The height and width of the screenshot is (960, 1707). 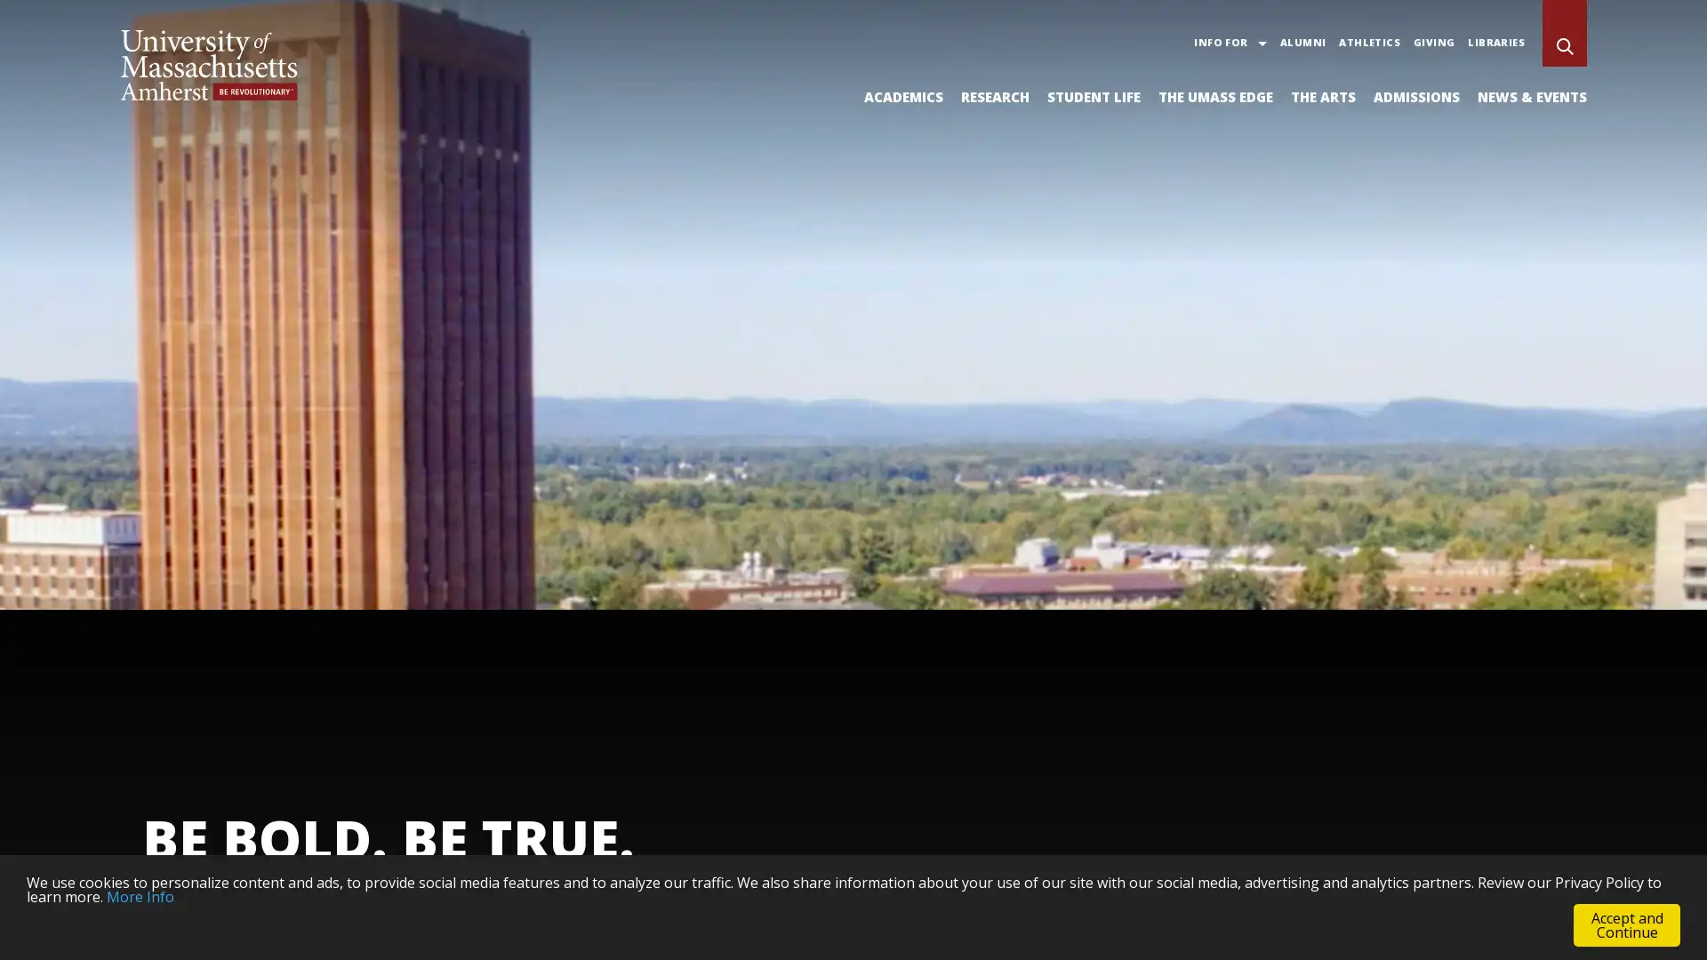 I want to click on Pause Background Video, so click(x=1655, y=909).